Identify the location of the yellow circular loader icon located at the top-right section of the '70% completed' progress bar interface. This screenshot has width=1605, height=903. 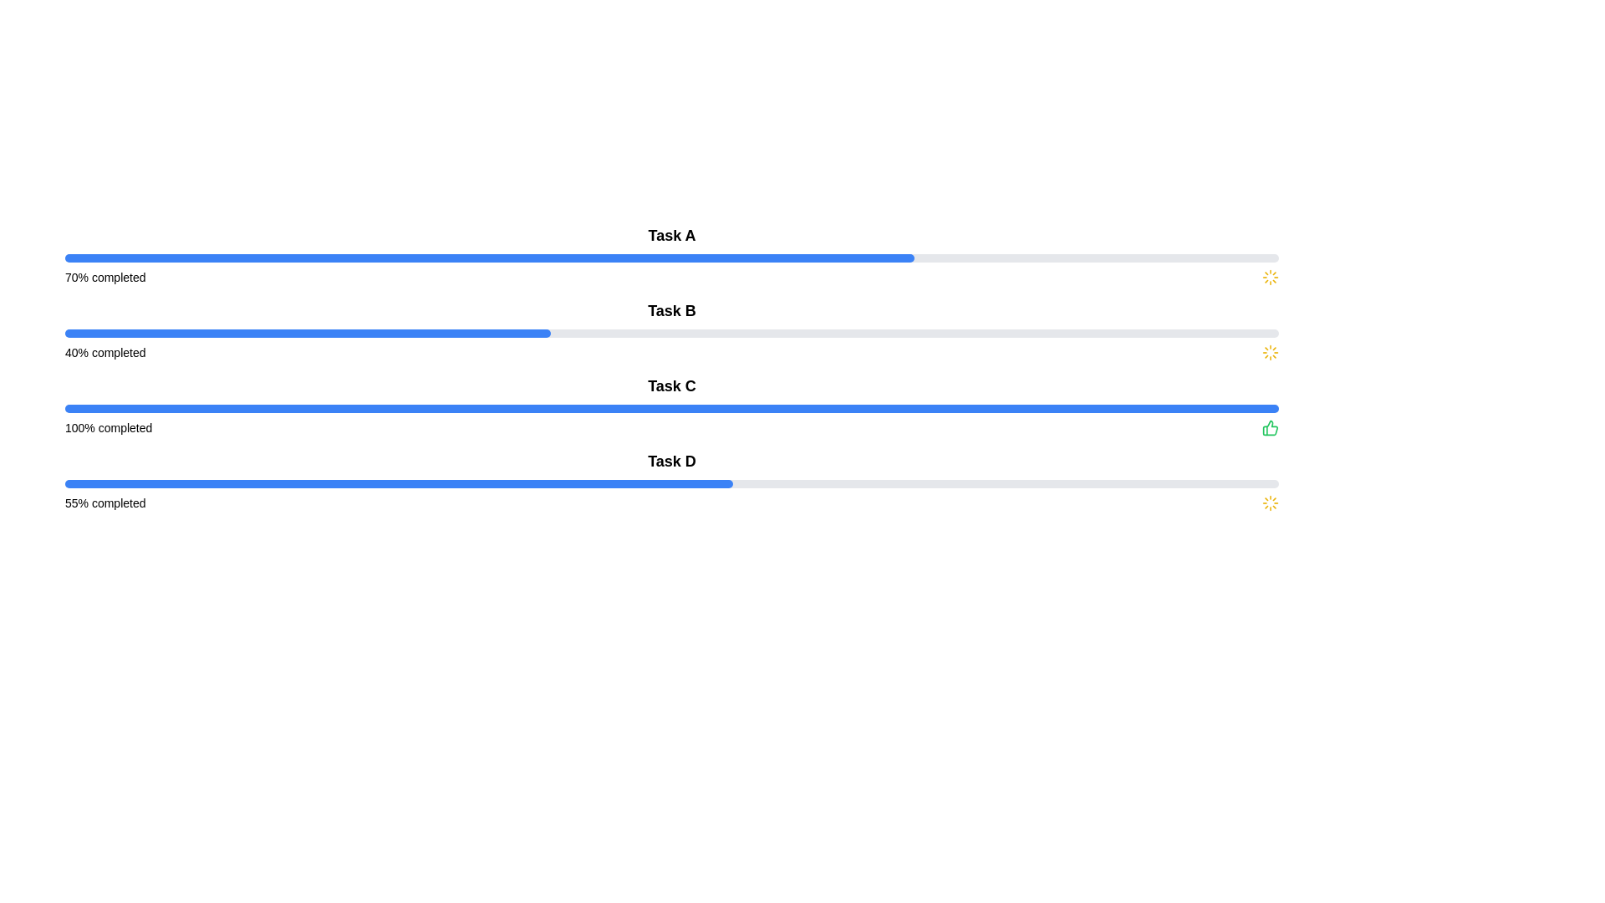
(1271, 276).